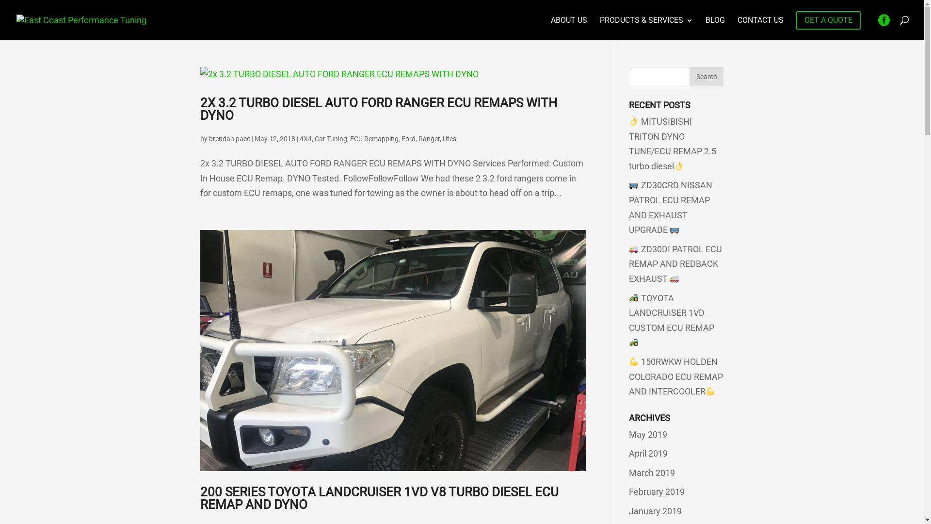 This screenshot has width=931, height=524. What do you see at coordinates (628, 376) in the screenshot?
I see `'150RWKW HOLDEN COLORADO ECU REMAP AND INTERCOOLER'` at bounding box center [628, 376].